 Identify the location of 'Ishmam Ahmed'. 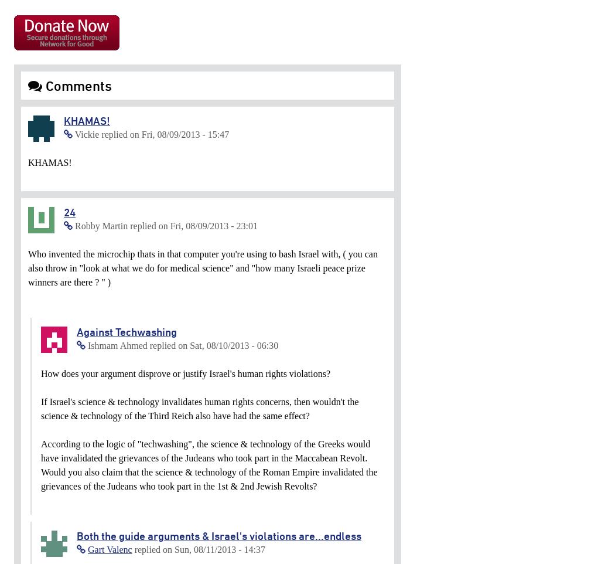
(117, 345).